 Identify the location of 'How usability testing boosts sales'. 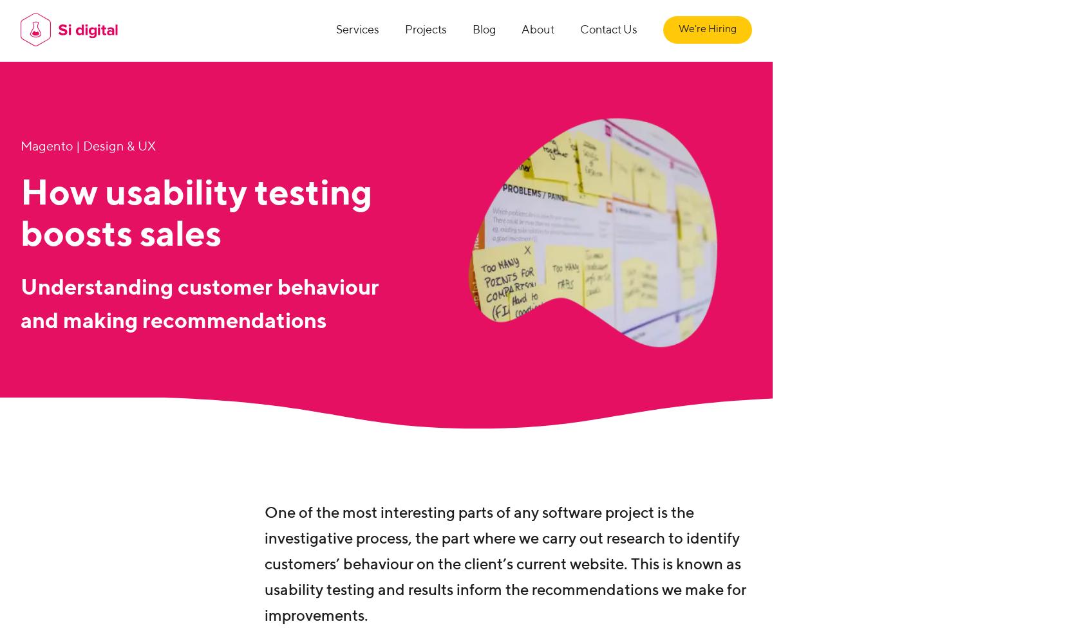
(196, 215).